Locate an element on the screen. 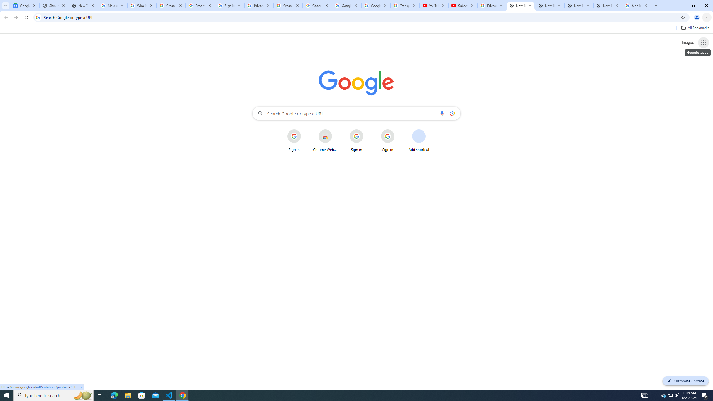 This screenshot has width=713, height=401. 'More actions for Sign in shortcut' is located at coordinates (399, 130).